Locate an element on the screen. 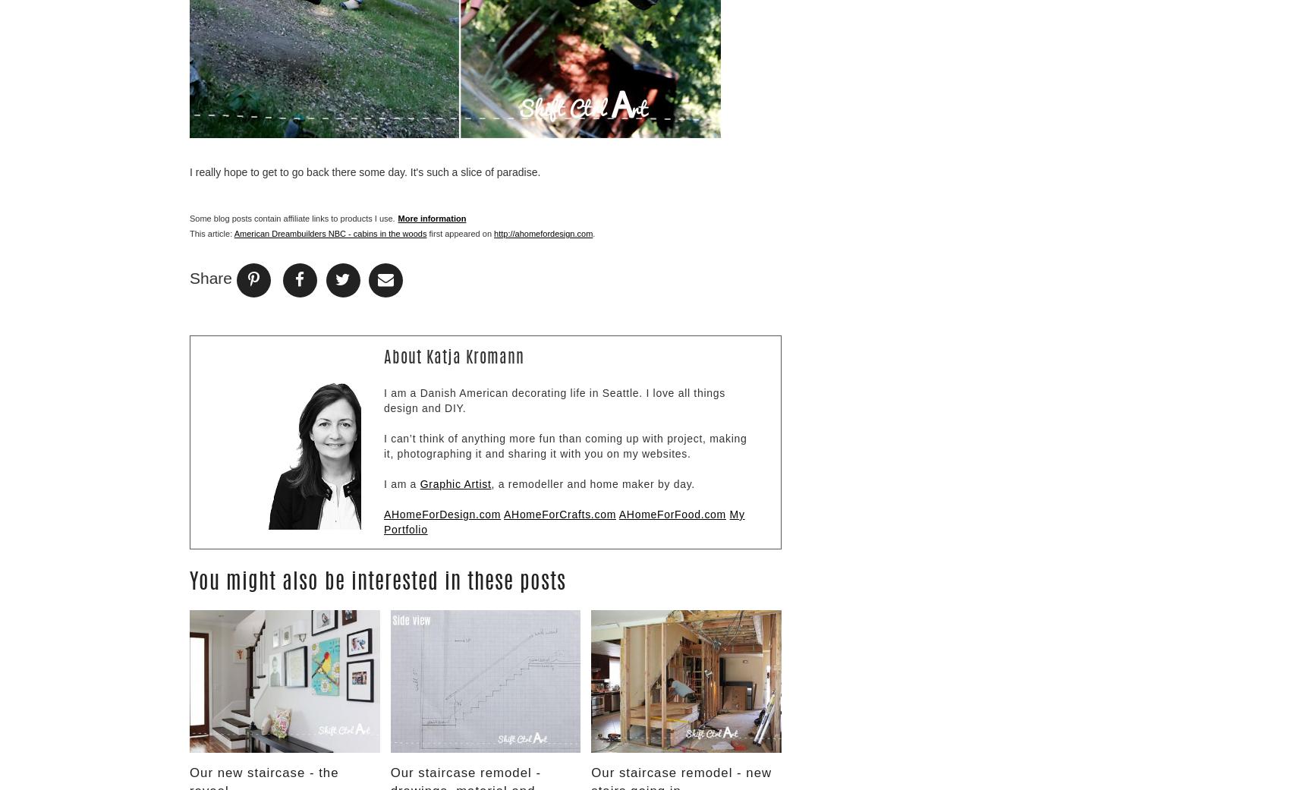 Image resolution: width=1290 pixels, height=790 pixels. 'I am a' is located at coordinates (401, 482).